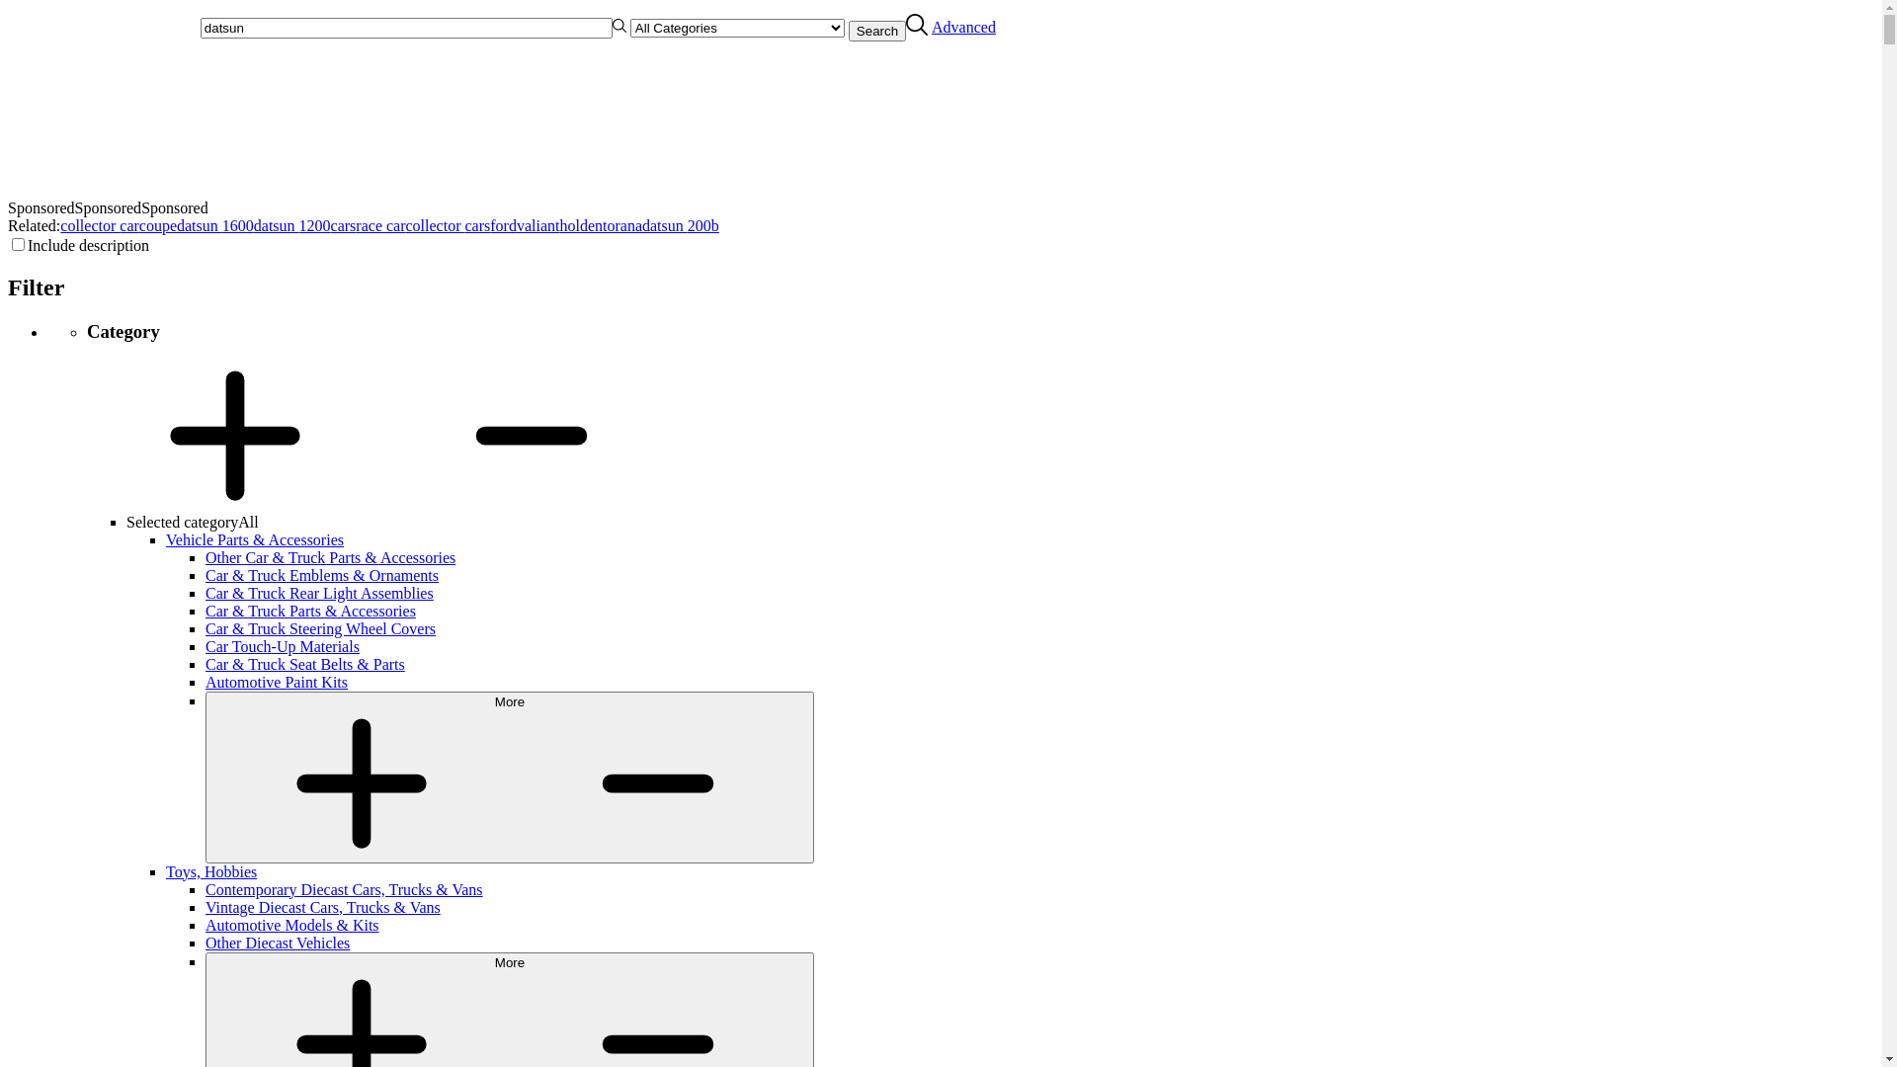 The width and height of the screenshot is (1897, 1067). I want to click on 'Vintage Diecast Cars, Trucks & Vans', so click(205, 907).